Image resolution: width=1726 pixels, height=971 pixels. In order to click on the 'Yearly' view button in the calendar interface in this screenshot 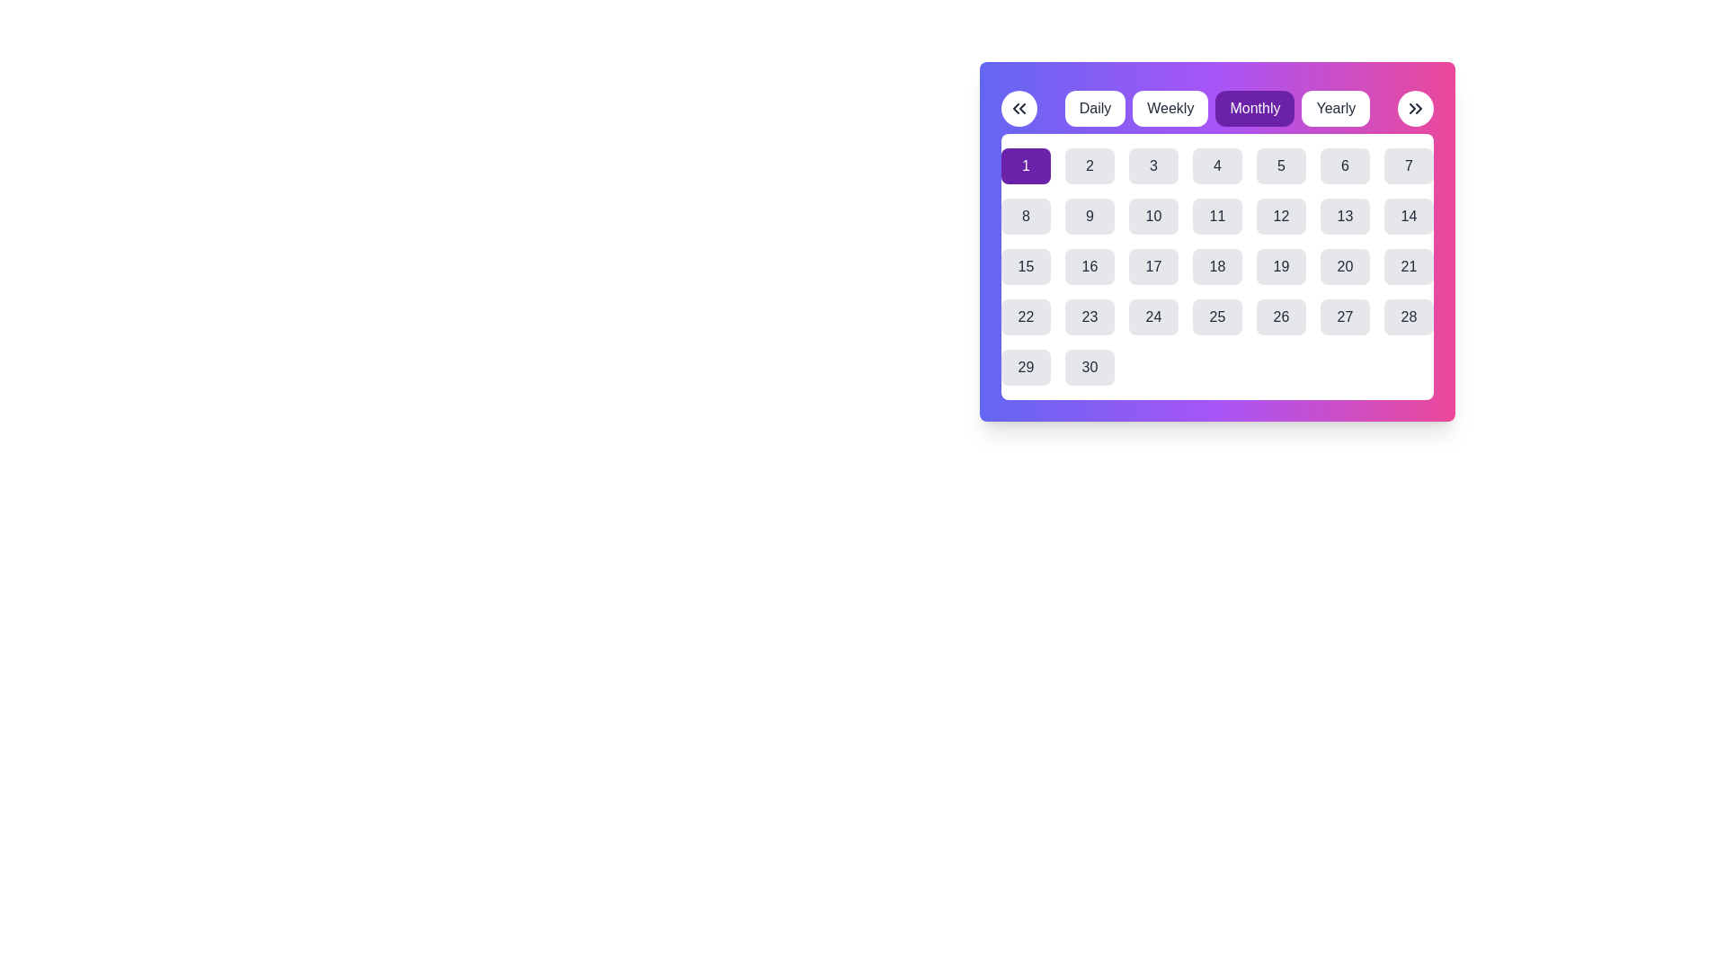, I will do `click(1336, 108)`.